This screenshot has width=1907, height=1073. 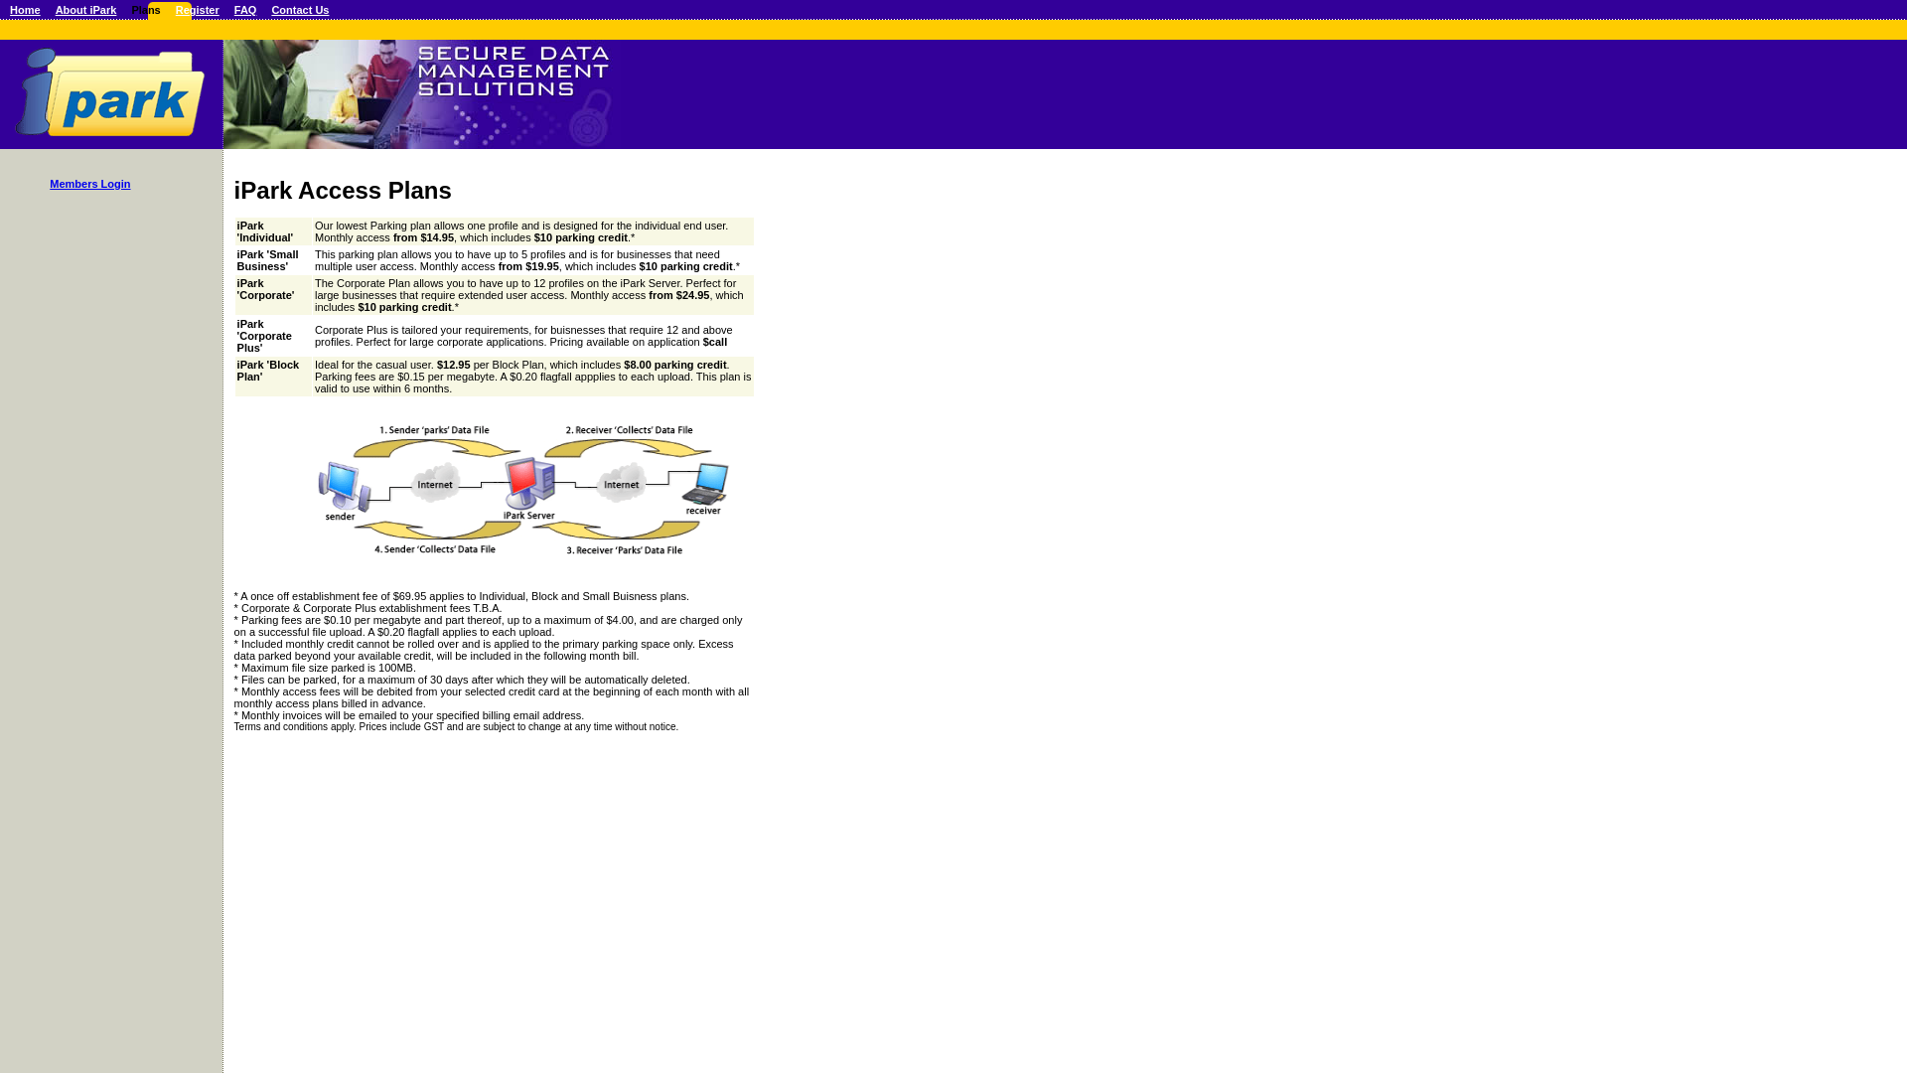 What do you see at coordinates (244, 10) in the screenshot?
I see `'FAQ'` at bounding box center [244, 10].